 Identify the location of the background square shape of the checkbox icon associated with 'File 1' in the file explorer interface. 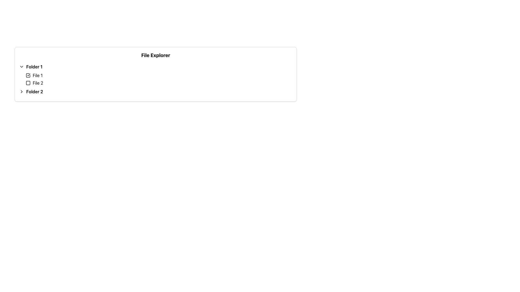
(28, 75).